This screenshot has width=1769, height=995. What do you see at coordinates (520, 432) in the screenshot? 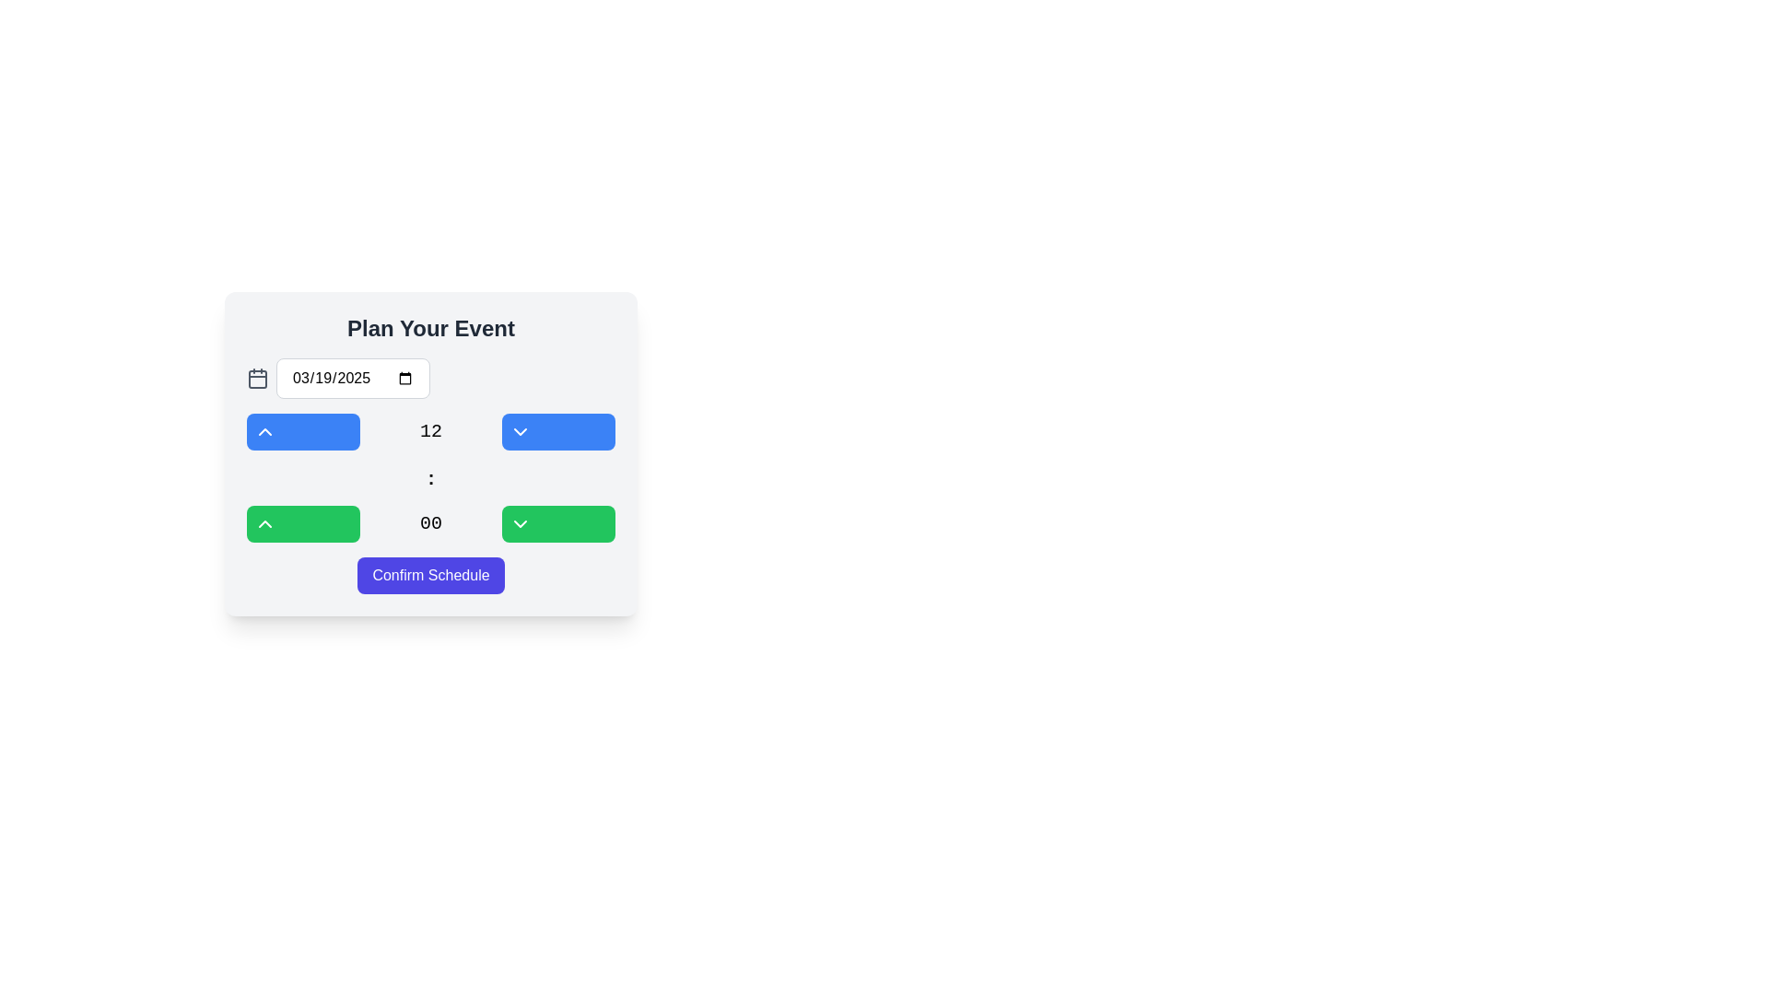
I see `the interactive icon in the top-right section of the time selector widget, adjacent to the numeric '12', which is part of the blue button used for hour selection` at bounding box center [520, 432].